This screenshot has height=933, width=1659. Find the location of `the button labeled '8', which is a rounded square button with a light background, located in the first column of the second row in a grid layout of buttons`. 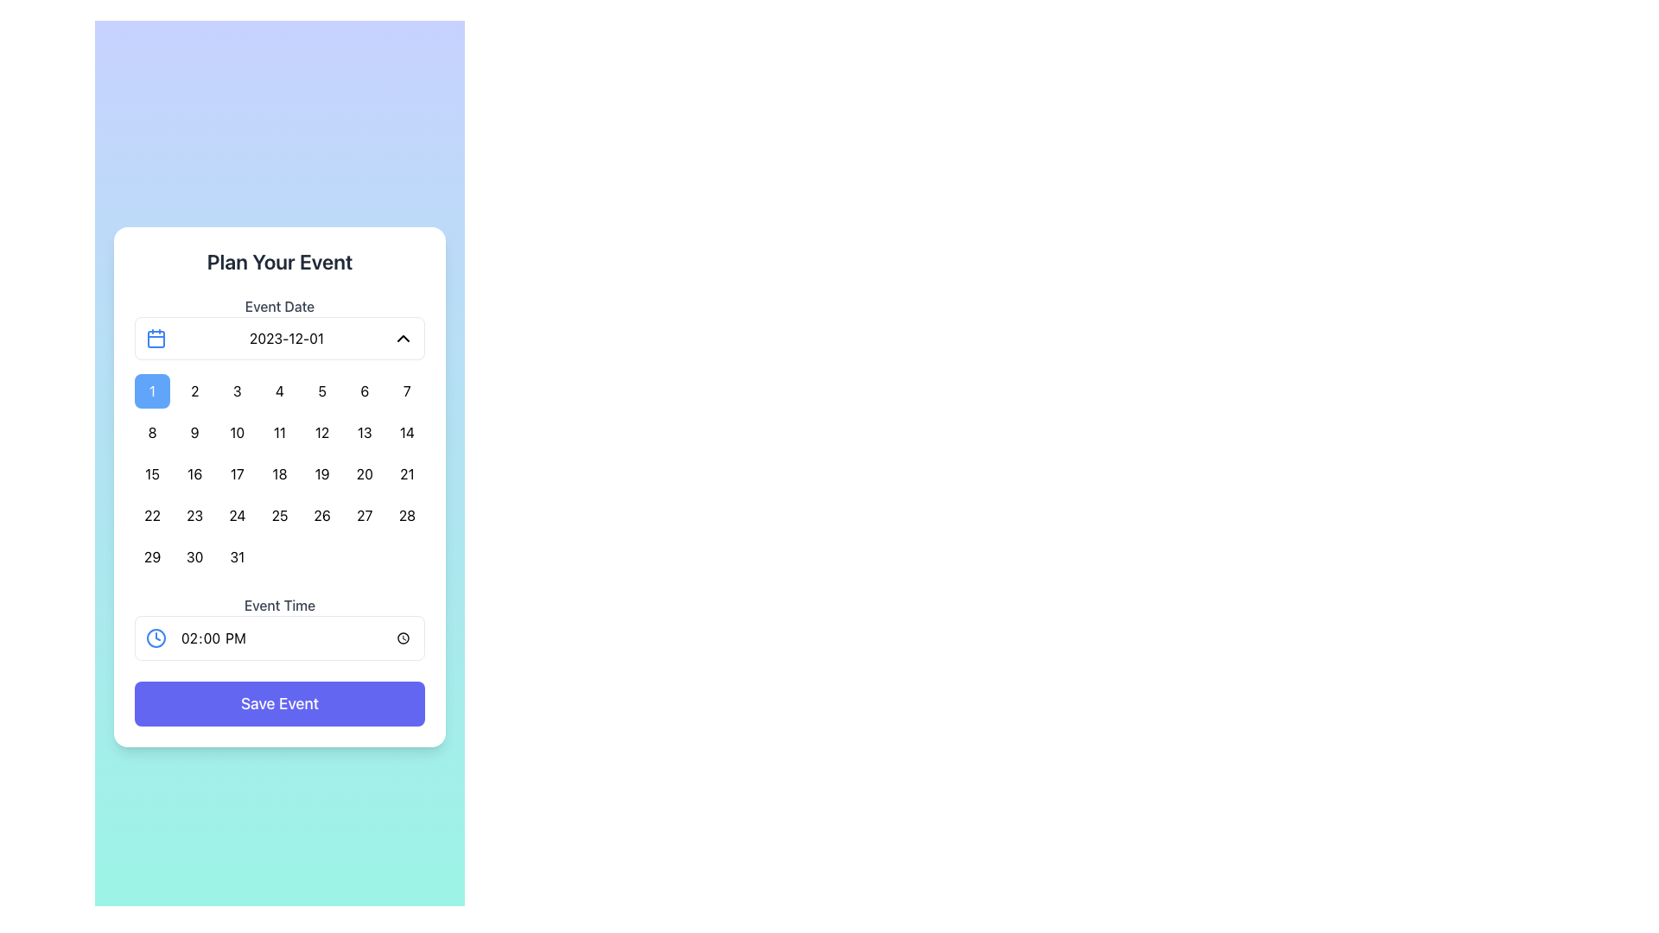

the button labeled '8', which is a rounded square button with a light background, located in the first column of the second row in a grid layout of buttons is located at coordinates (152, 432).